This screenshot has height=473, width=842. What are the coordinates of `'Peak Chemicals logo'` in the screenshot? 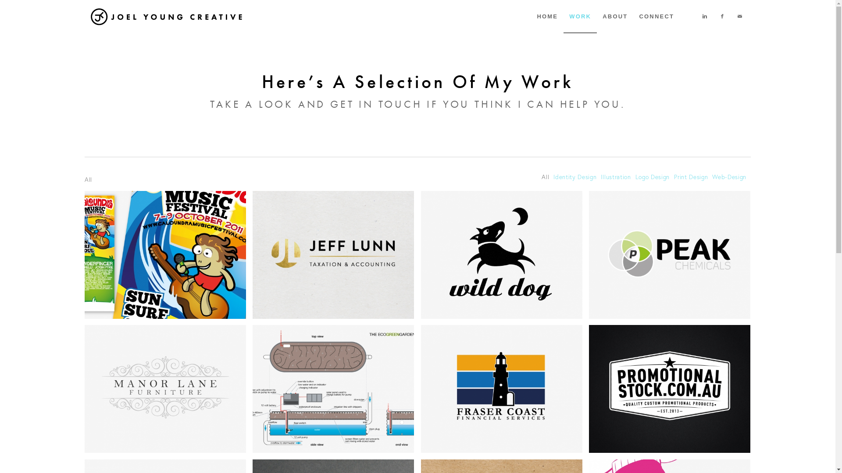 It's located at (673, 258).